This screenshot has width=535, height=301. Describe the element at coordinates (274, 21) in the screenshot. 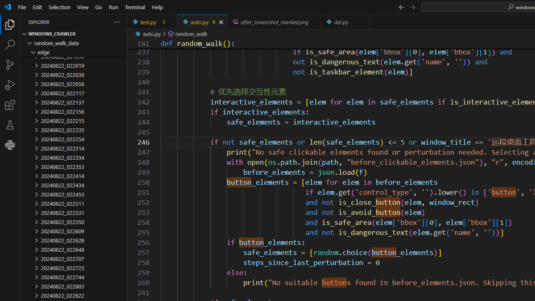

I see `'after_screenshot_marked.png, preview'` at that location.